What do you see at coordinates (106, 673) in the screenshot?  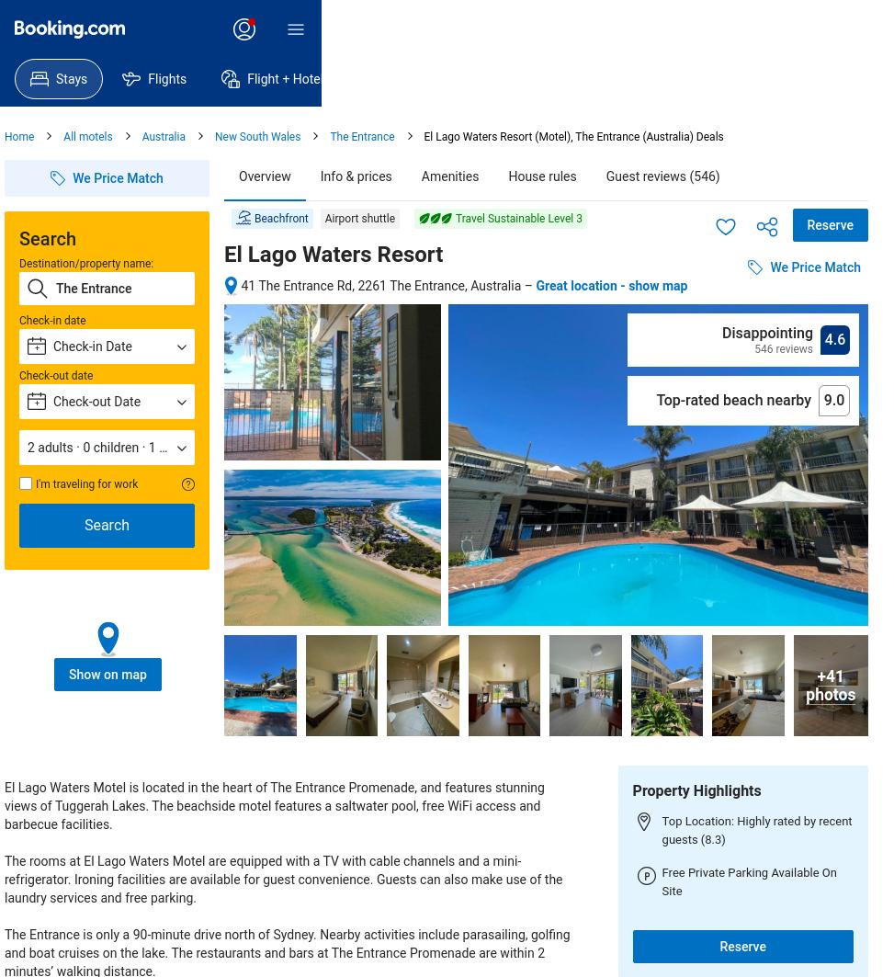 I see `'Show on map'` at bounding box center [106, 673].